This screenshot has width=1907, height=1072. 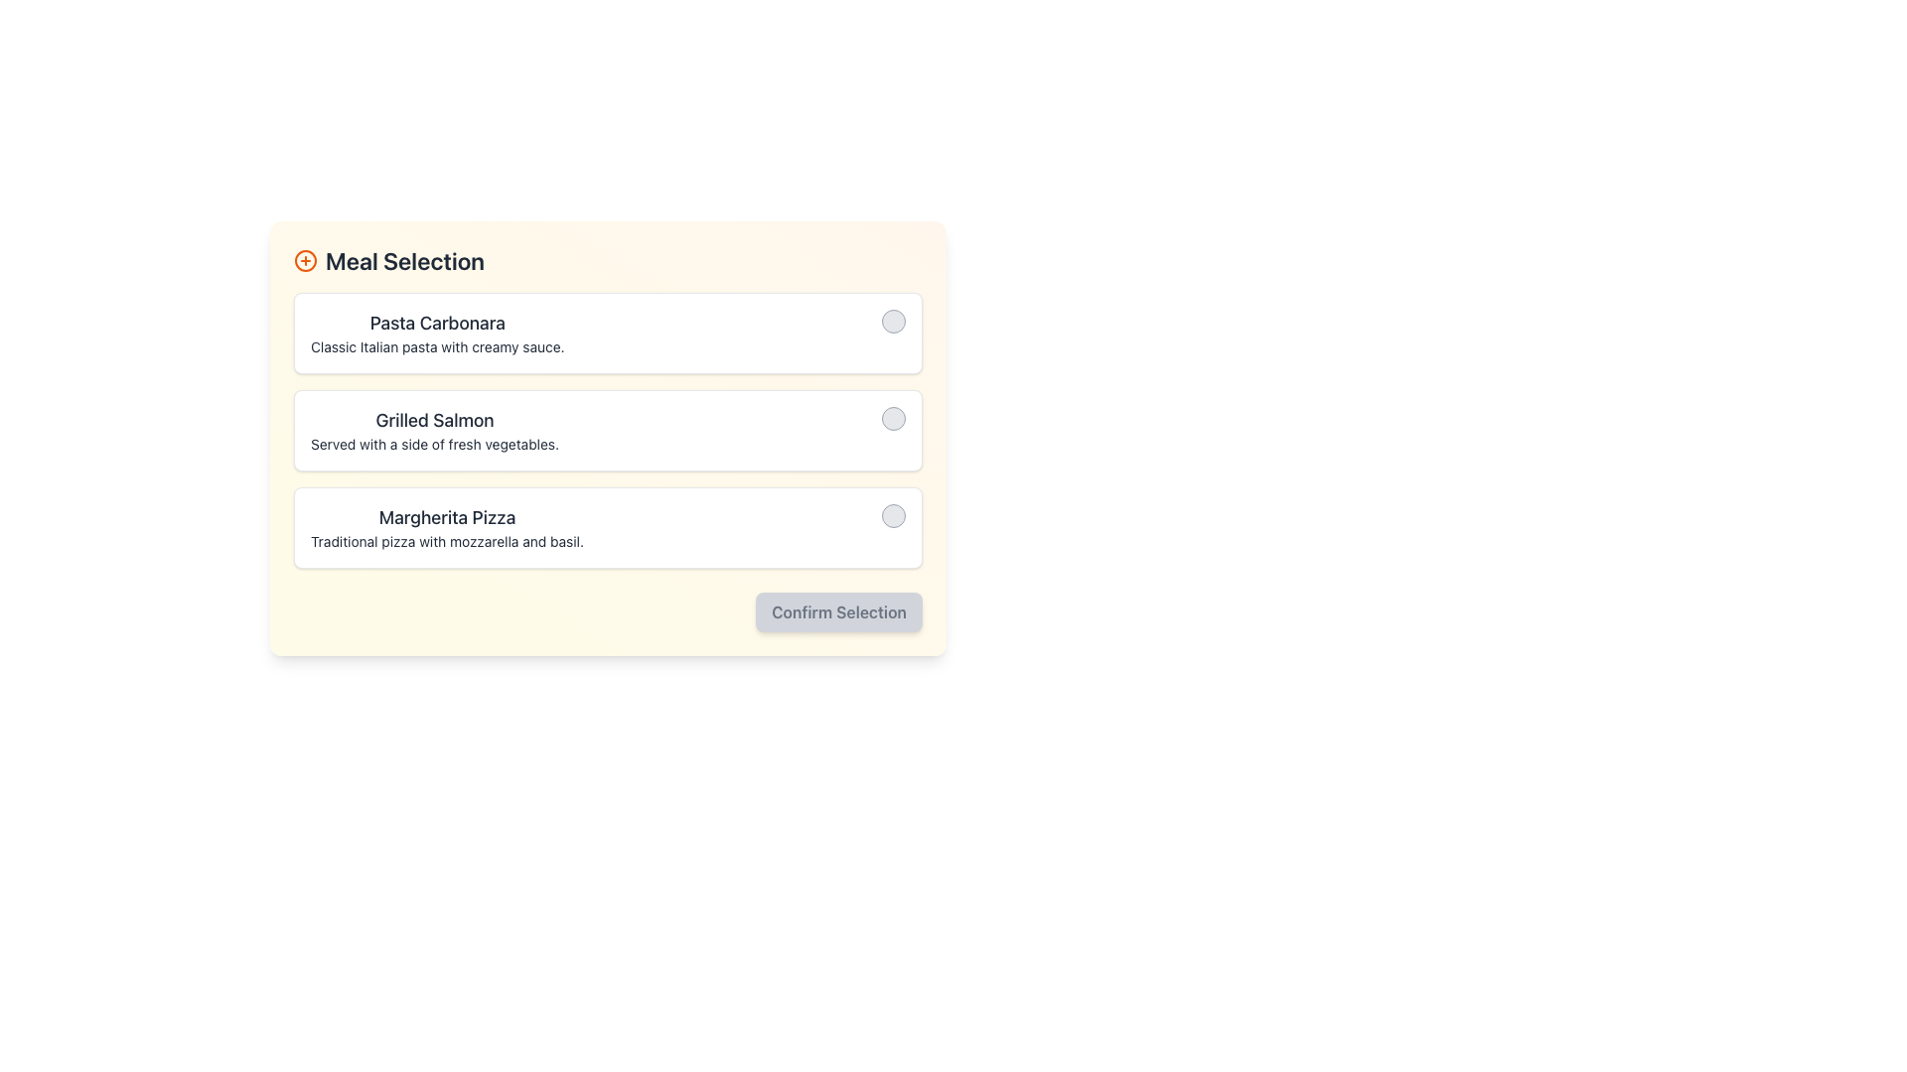 What do you see at coordinates (304, 259) in the screenshot?
I see `the actionable icon located on the far left within the 'Meal Selection' header, preceding the text 'Meal Selection'` at bounding box center [304, 259].